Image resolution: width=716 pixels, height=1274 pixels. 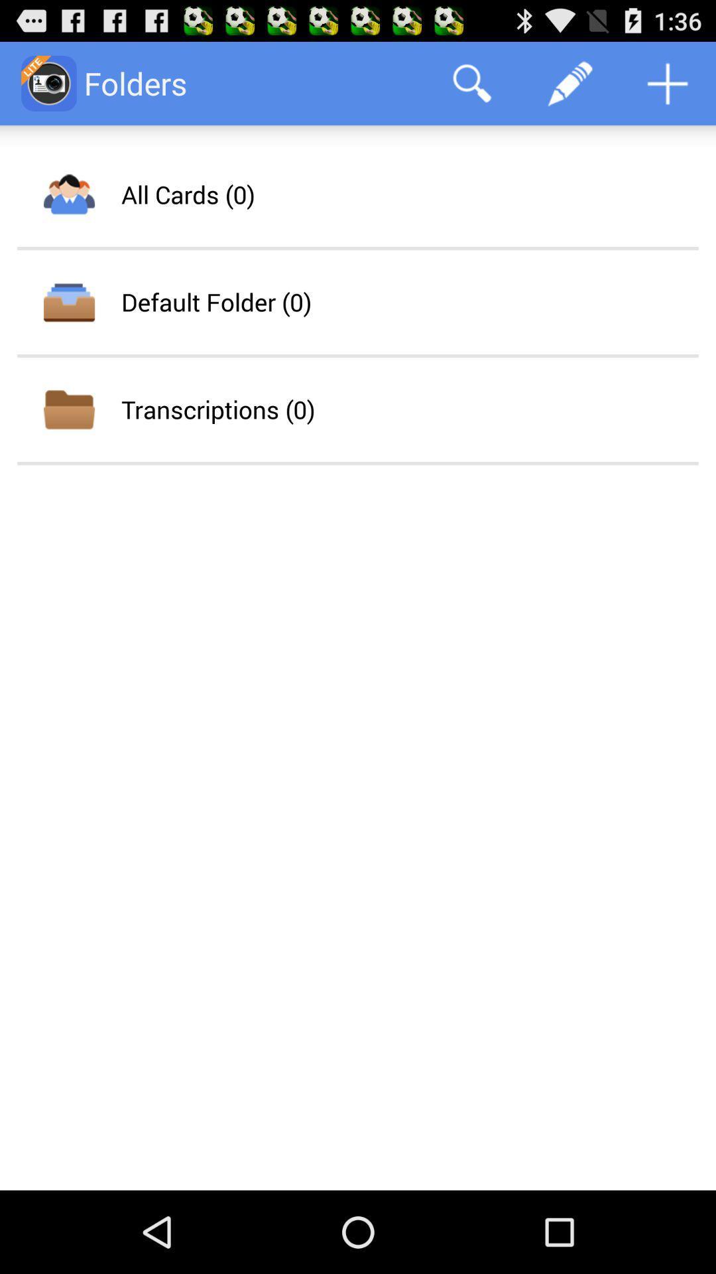 I want to click on all cards (0) item, so click(x=188, y=194).